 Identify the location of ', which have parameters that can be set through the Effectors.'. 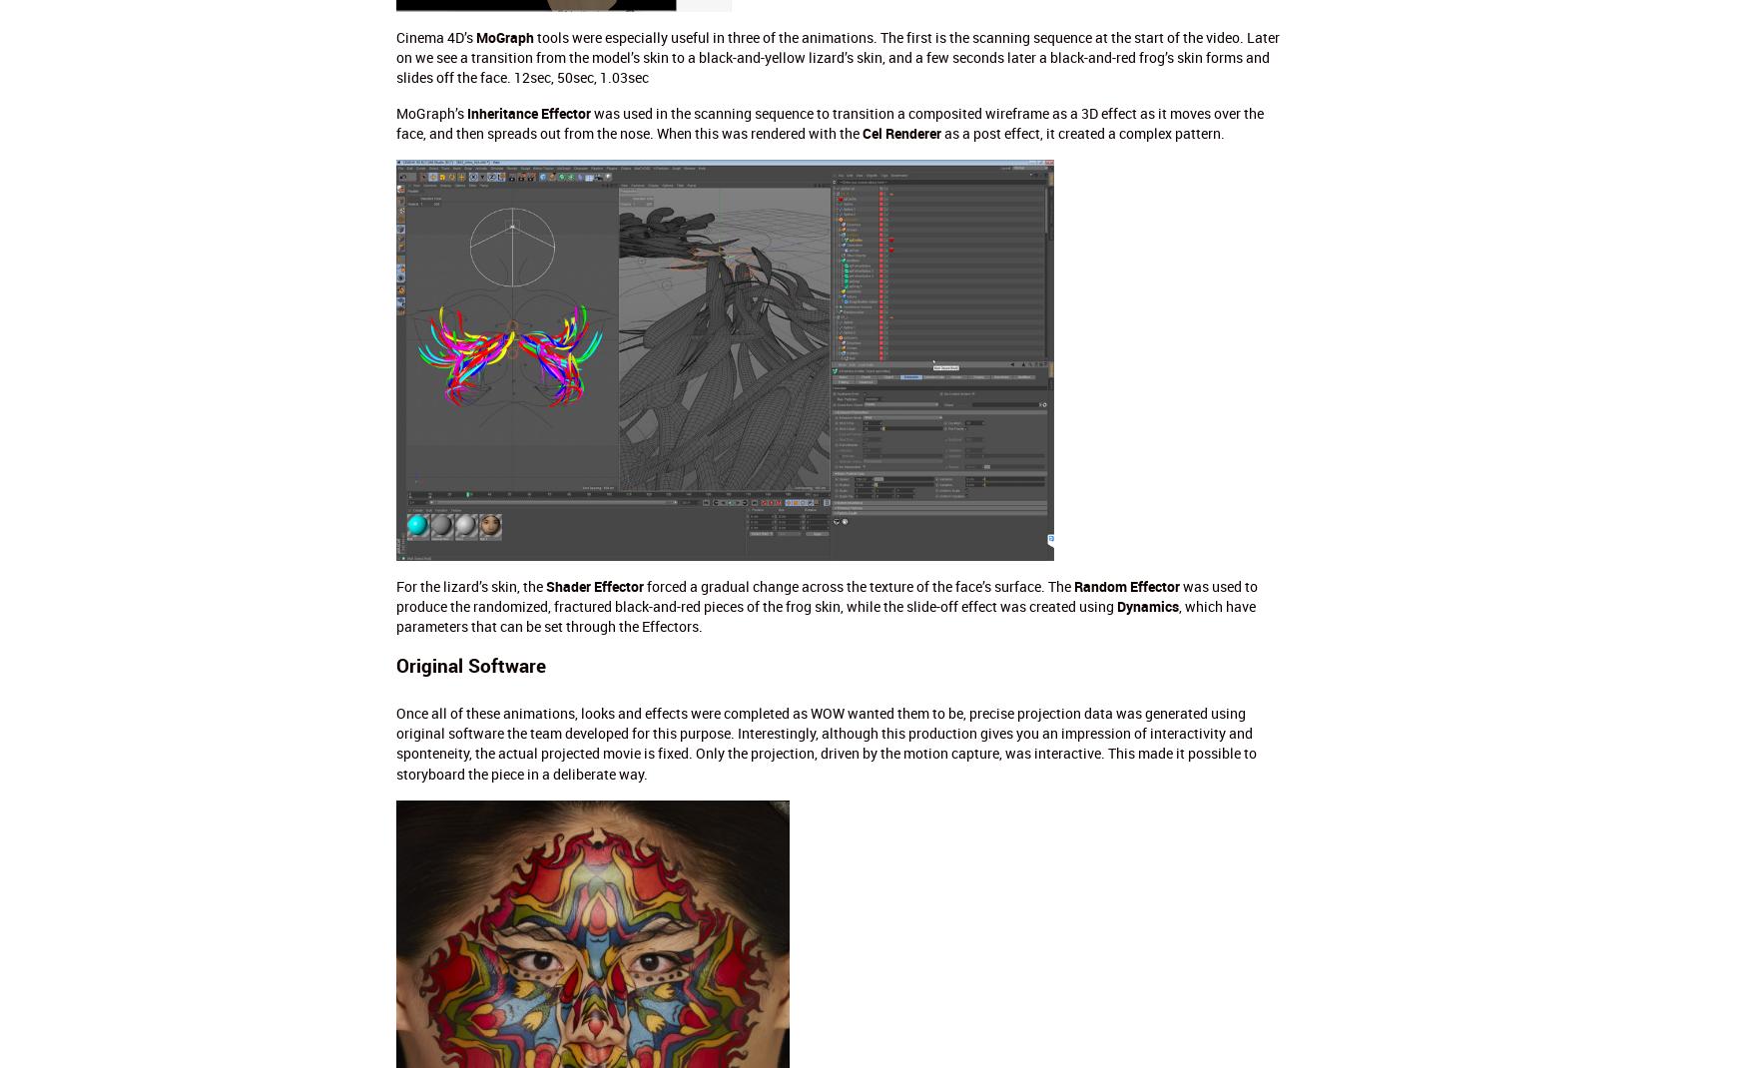
(394, 614).